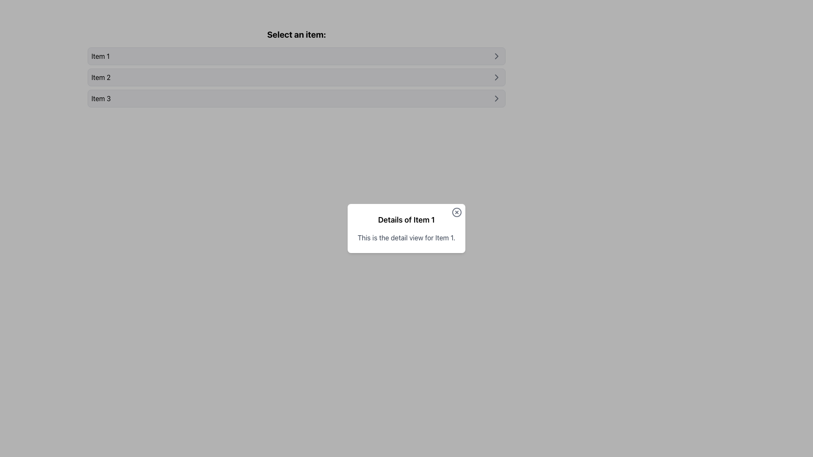  Describe the element at coordinates (406, 238) in the screenshot. I see `textual content of the gray text element that says 'This is the detail view for Item 1.' located below the title 'Details of Item 1.'` at that location.